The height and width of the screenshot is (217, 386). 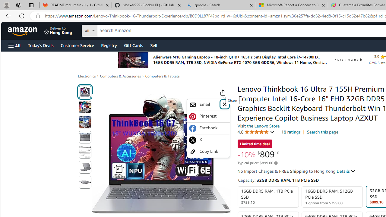 I want to click on 'Visit the Lenovo Store', so click(x=258, y=125).